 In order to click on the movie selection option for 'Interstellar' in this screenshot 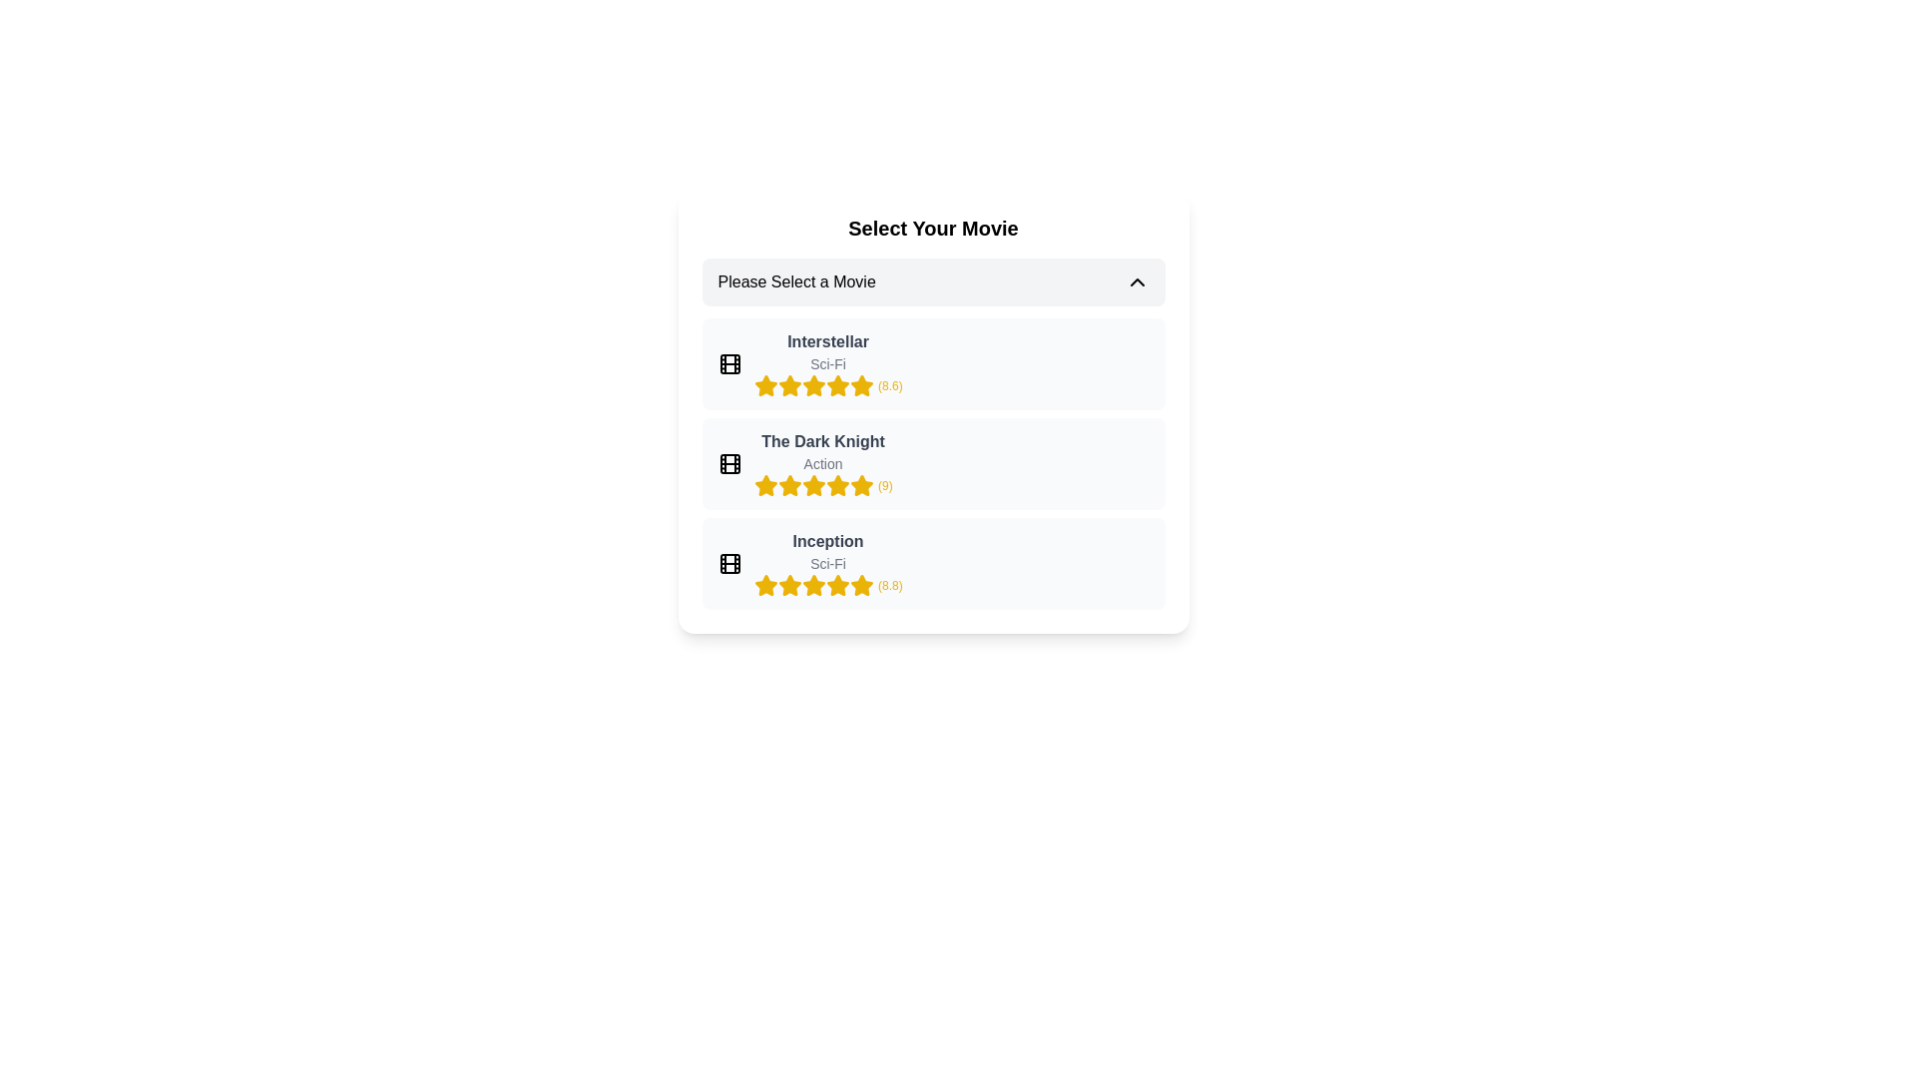, I will do `click(932, 364)`.